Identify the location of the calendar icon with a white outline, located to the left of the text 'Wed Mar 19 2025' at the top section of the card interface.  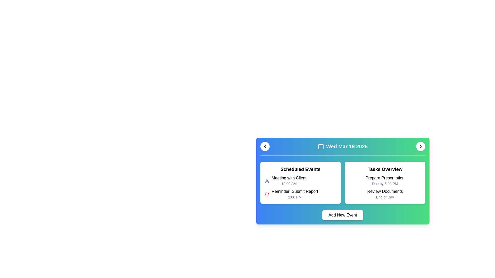
(321, 146).